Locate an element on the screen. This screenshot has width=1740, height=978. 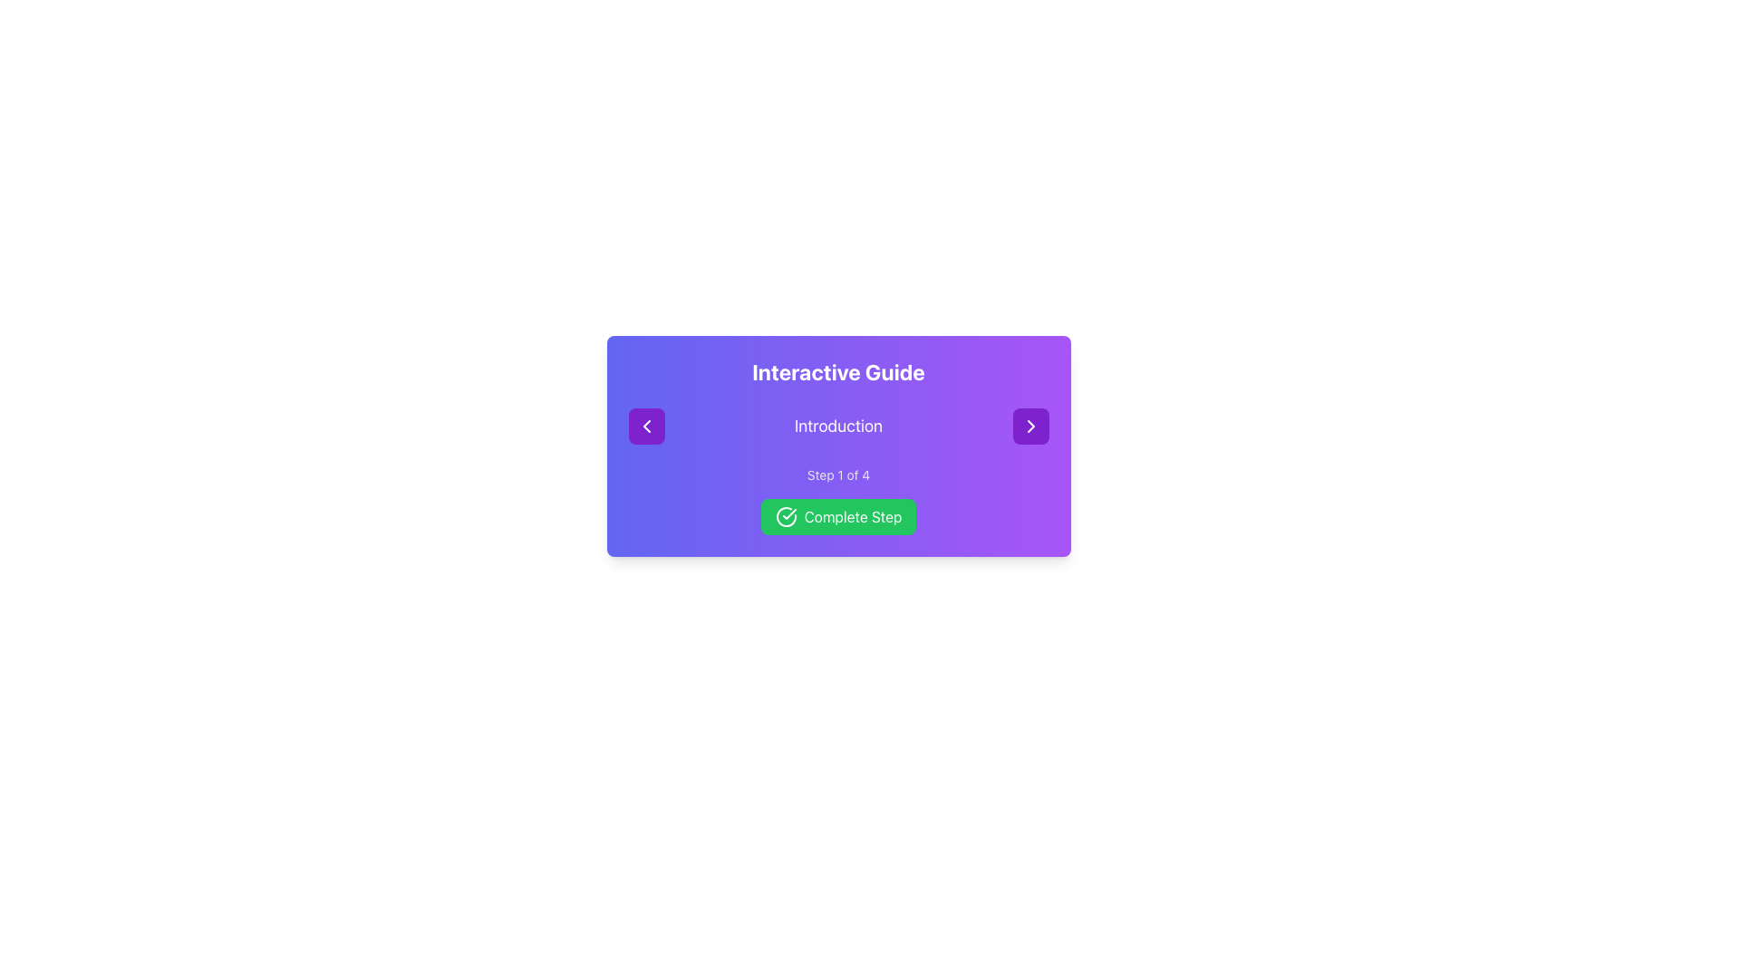
the button at the bottom of the purple box labeled 'Interactive Guide' is located at coordinates (837, 516).